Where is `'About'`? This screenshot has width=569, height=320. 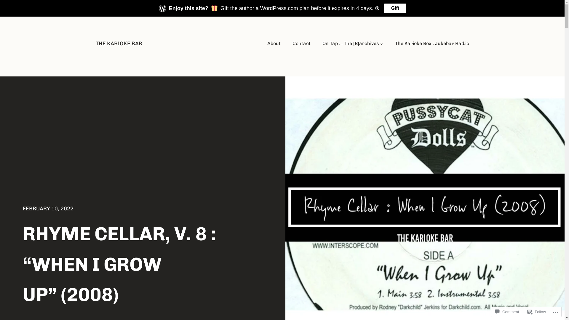 'About' is located at coordinates (274, 43).